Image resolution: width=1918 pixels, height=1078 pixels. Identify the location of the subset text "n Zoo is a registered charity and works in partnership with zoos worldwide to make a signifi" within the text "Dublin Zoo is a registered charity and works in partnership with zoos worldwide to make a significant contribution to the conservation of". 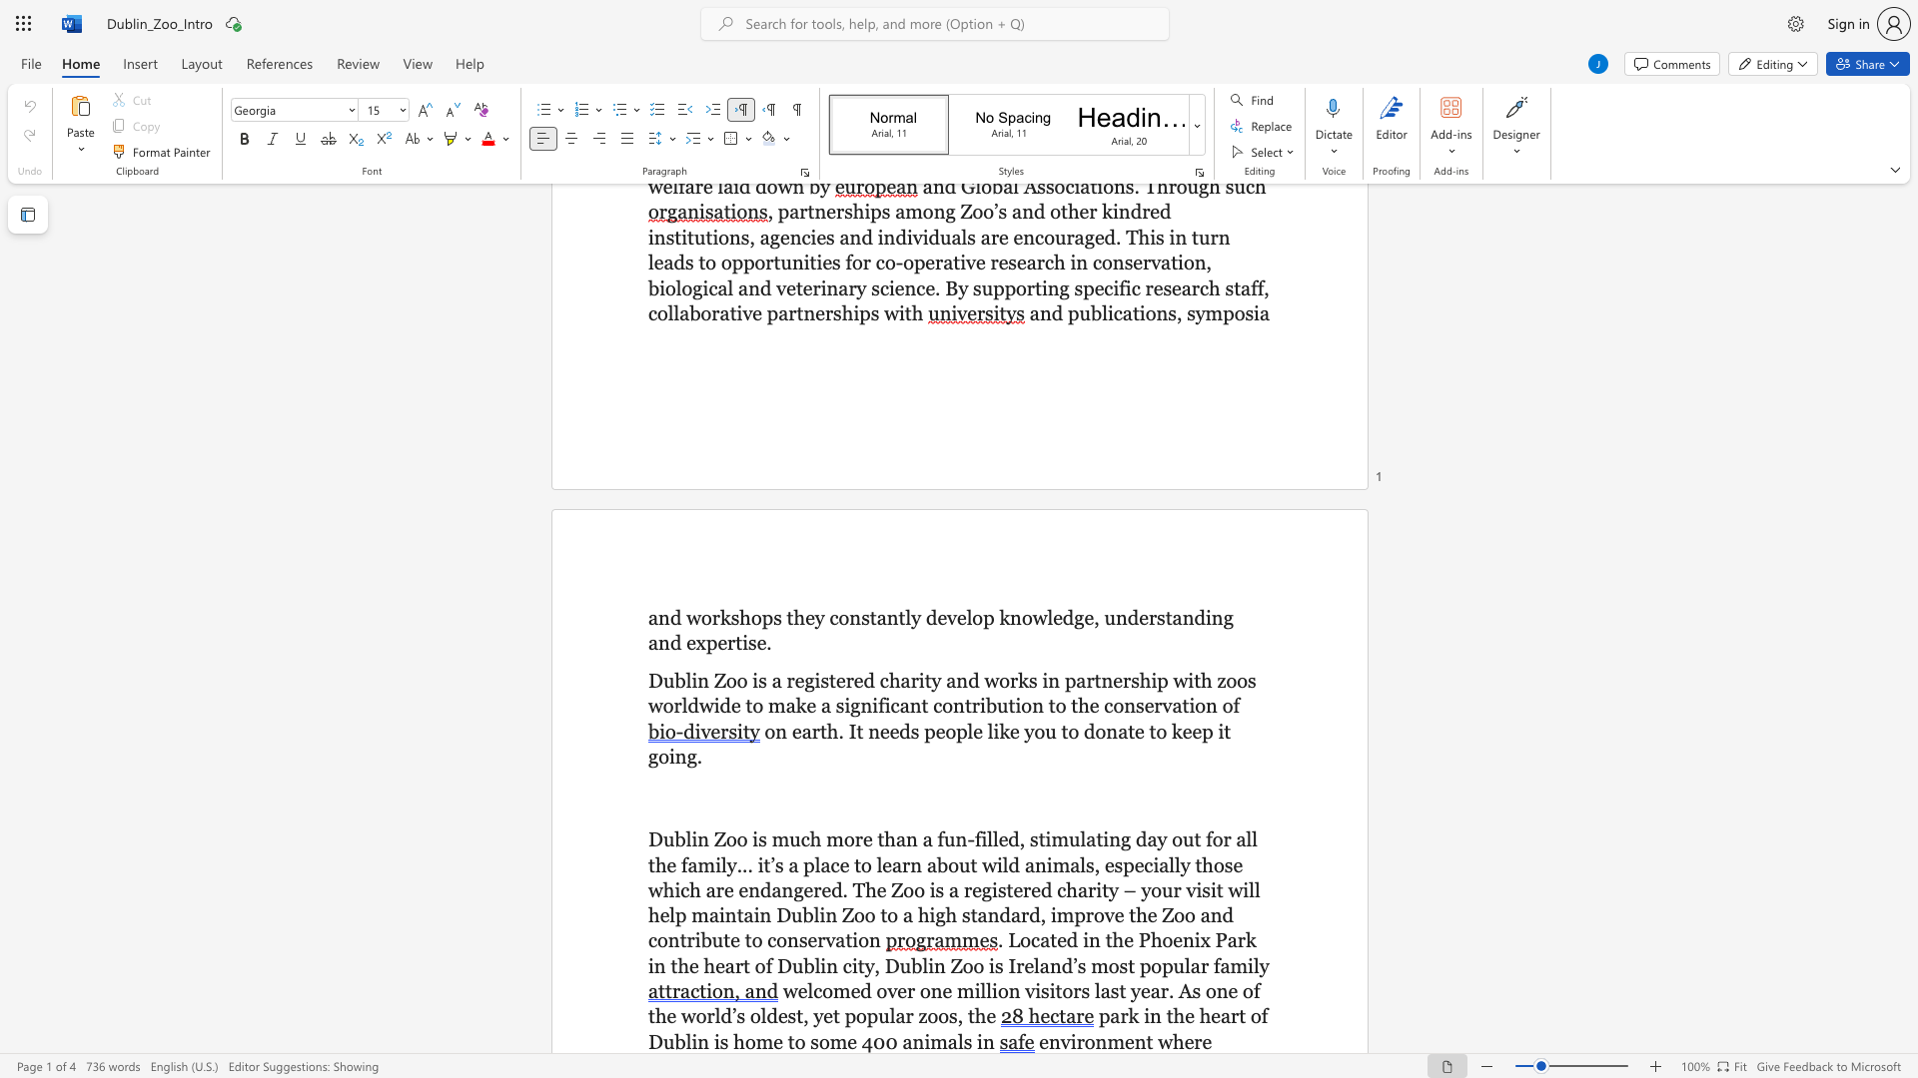
(697, 680).